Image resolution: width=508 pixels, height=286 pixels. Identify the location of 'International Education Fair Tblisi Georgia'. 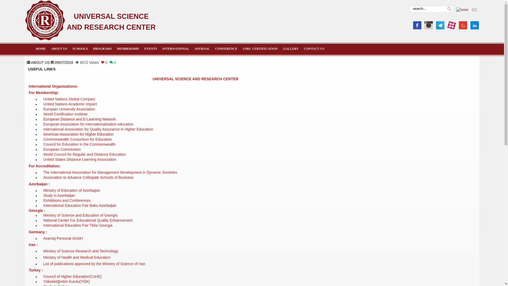
(78, 226).